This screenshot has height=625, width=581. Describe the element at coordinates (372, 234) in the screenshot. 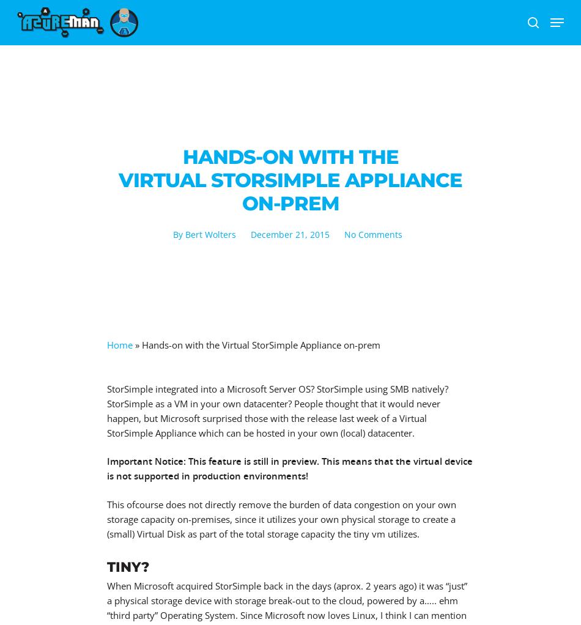

I see `'No Comments'` at that location.